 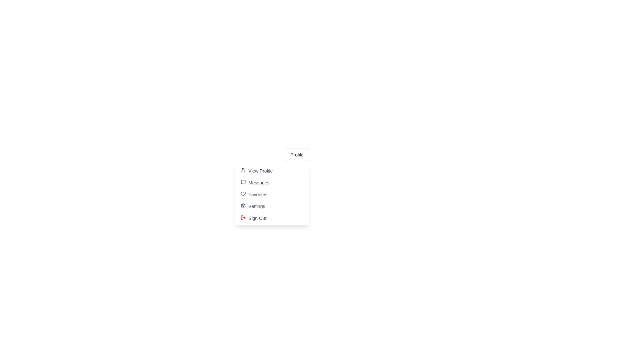 I want to click on the 'Messages' button located in the dropdown menu, which is the second item below 'View Profile' and above 'Favorites', so click(x=272, y=182).